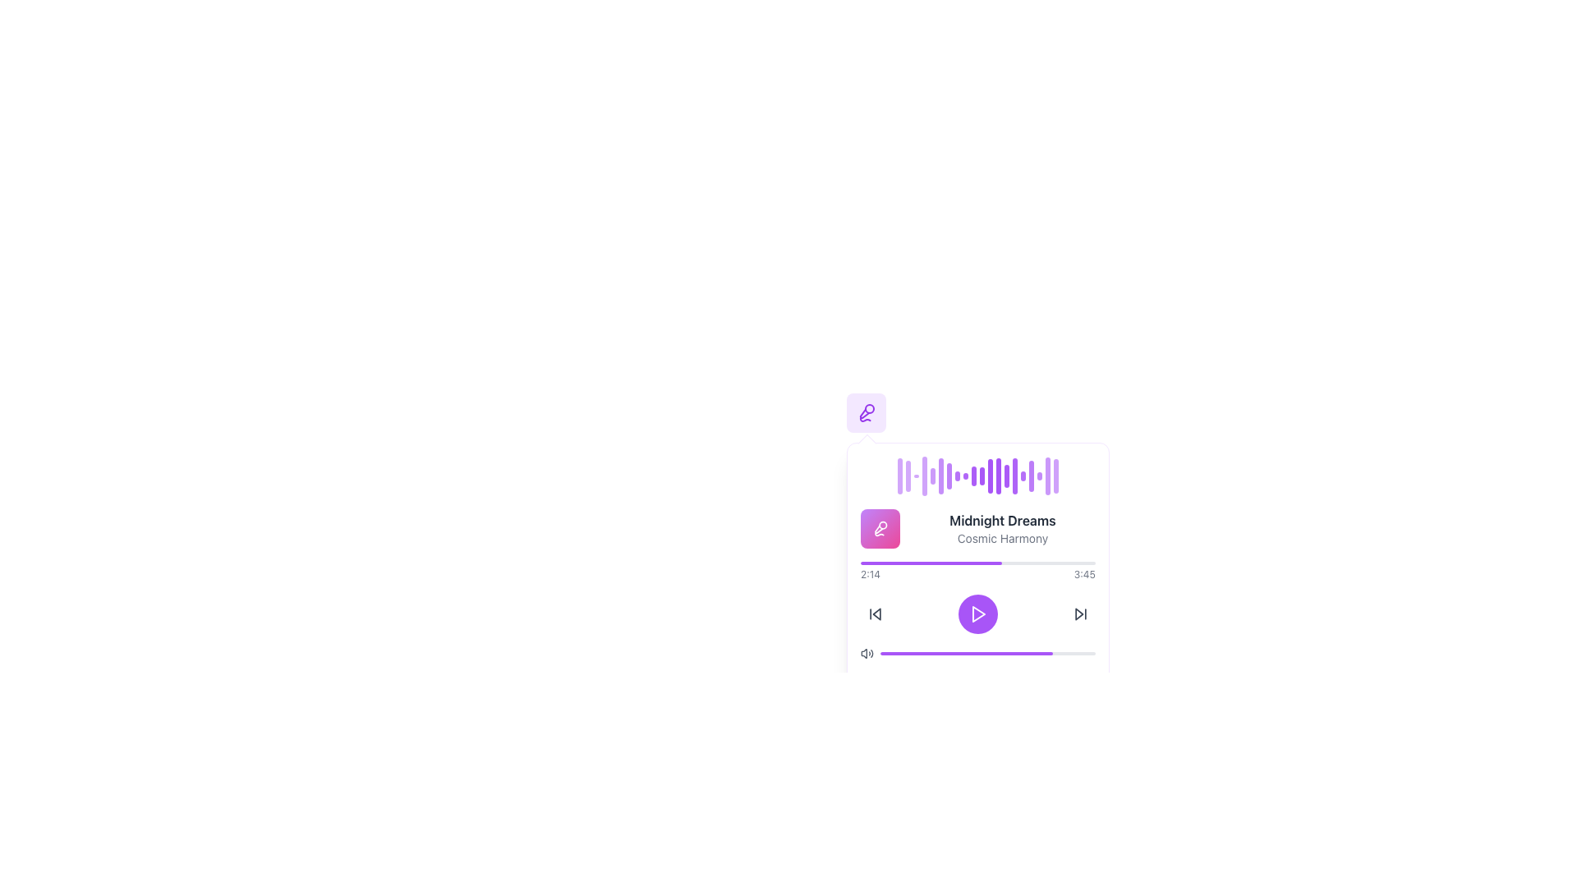  What do you see at coordinates (1005, 476) in the screenshot?
I see `the 14th waveform bar in a media player interface, which visually indicates audio levels or progress` at bounding box center [1005, 476].